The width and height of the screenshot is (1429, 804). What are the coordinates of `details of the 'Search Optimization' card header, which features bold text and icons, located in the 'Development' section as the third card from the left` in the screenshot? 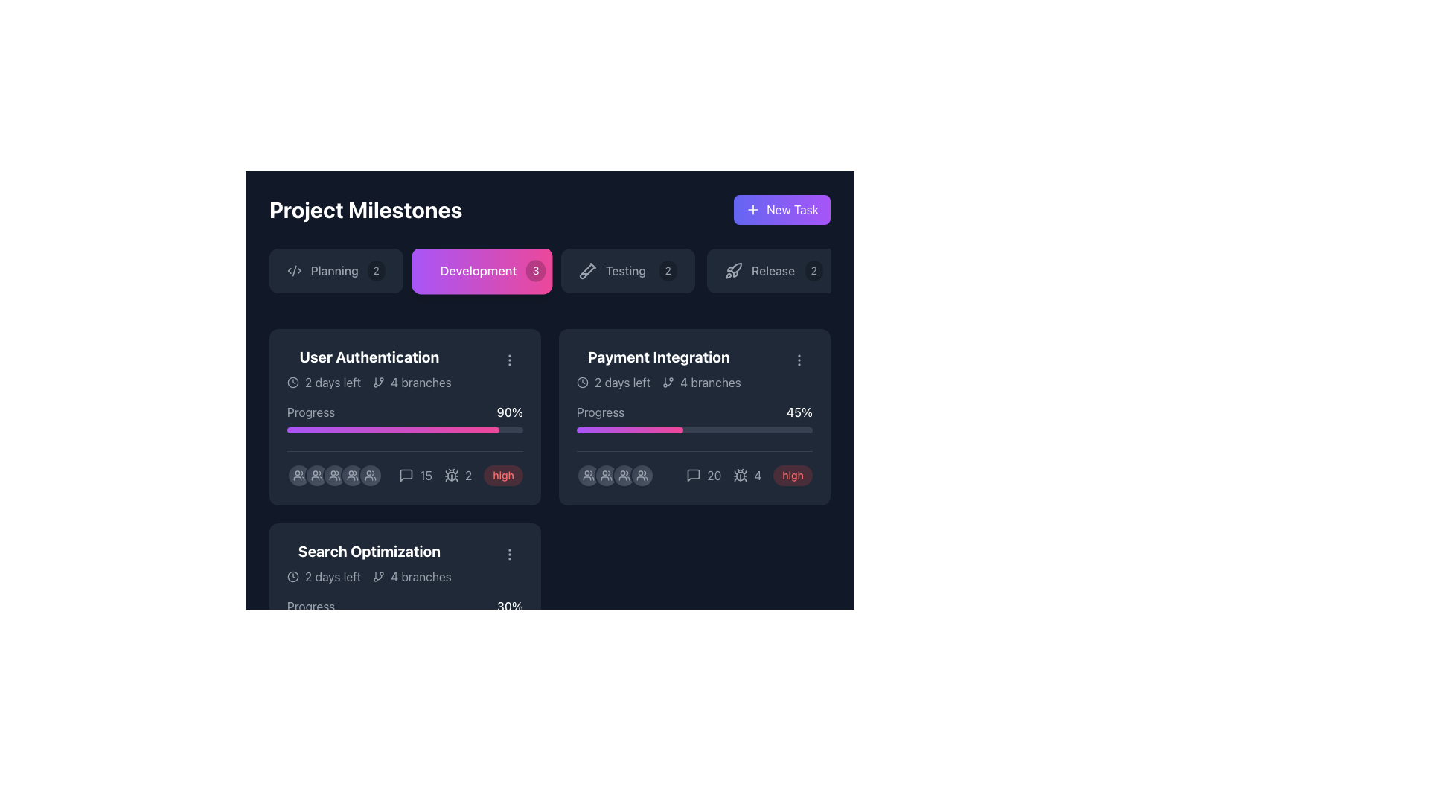 It's located at (405, 563).